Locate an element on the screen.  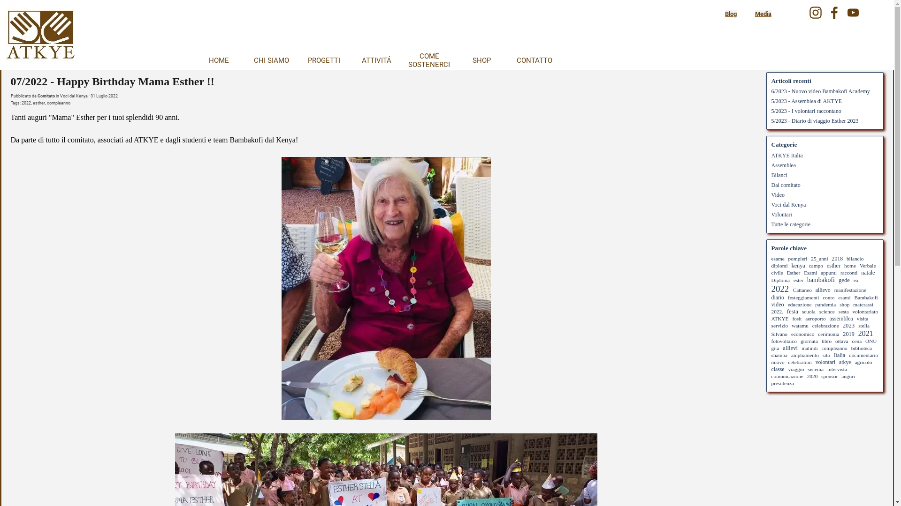
'esame' is located at coordinates (778, 258).